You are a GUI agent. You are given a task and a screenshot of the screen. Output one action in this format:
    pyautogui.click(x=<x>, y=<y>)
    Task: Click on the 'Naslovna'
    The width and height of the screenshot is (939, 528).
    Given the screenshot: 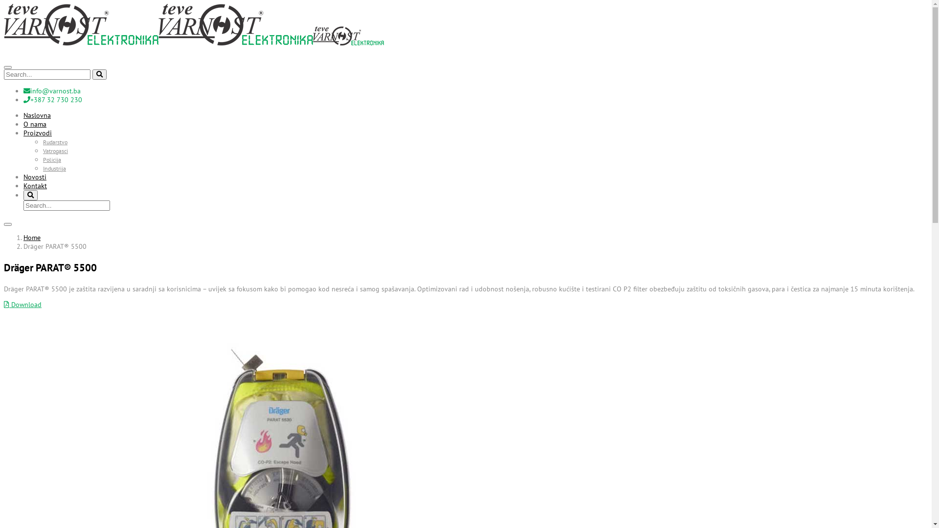 What is the action you would take?
    pyautogui.click(x=37, y=114)
    